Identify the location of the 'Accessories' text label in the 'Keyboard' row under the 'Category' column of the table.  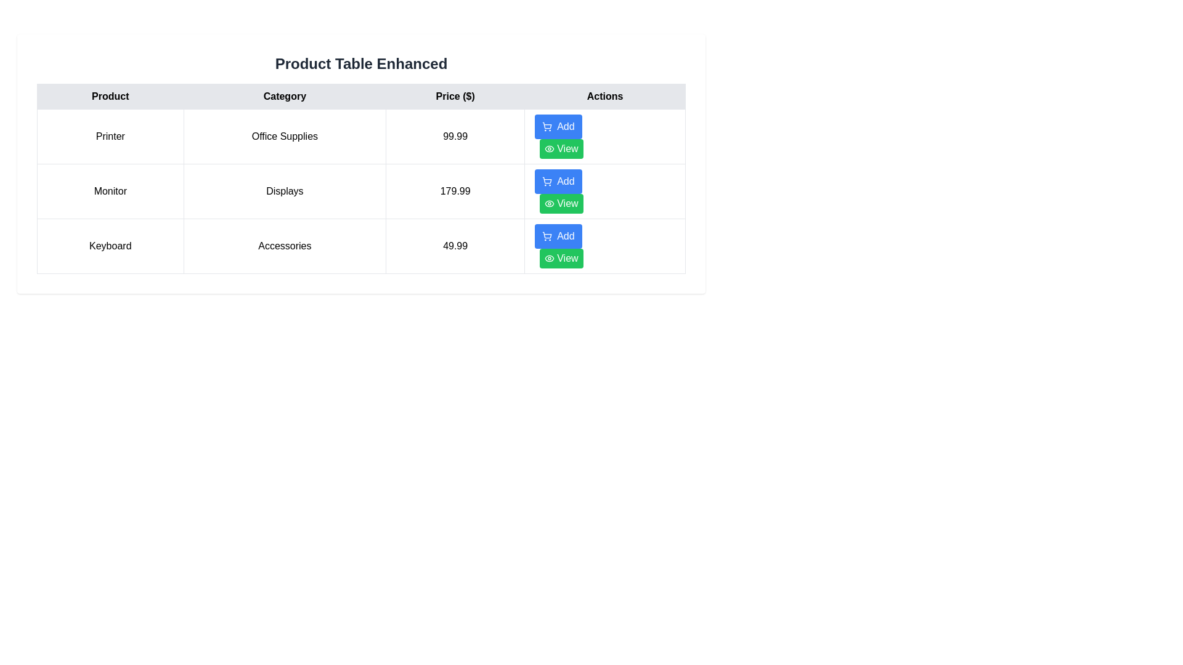
(284, 246).